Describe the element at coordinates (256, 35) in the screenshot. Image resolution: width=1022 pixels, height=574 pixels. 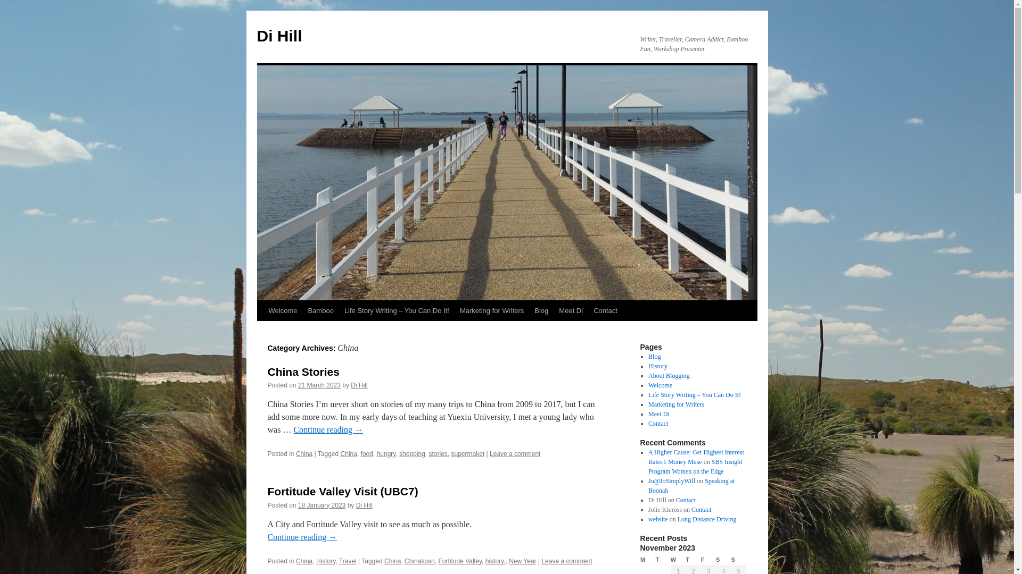
I see `'Di Hill'` at that location.